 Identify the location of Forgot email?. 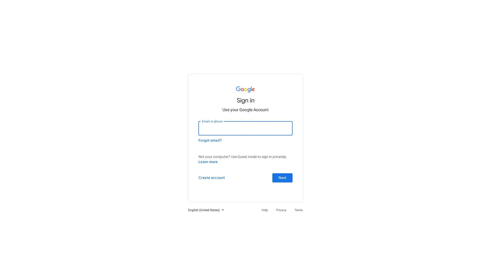
(210, 140).